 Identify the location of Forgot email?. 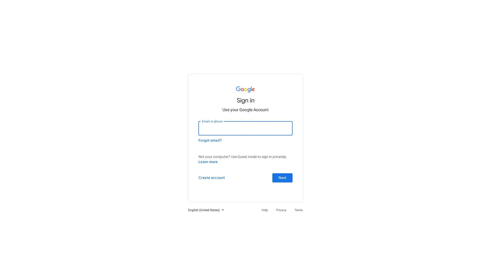
(210, 140).